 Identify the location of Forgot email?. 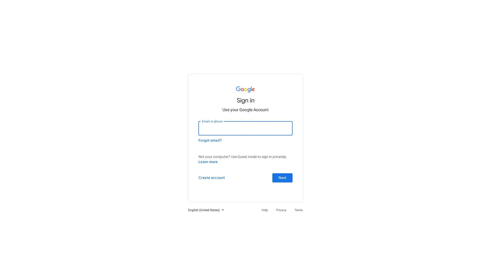
(210, 140).